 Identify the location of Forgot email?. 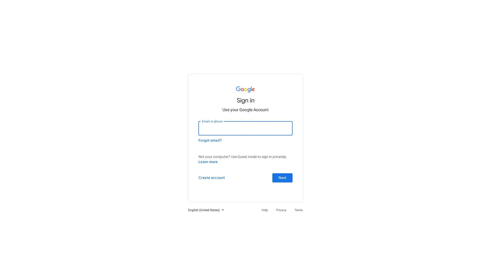
(210, 140).